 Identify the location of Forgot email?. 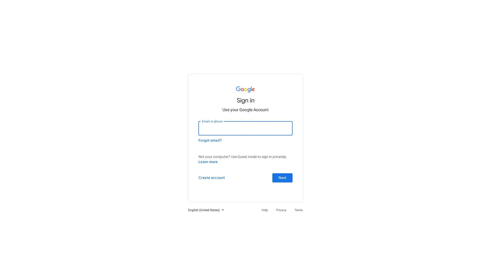
(210, 140).